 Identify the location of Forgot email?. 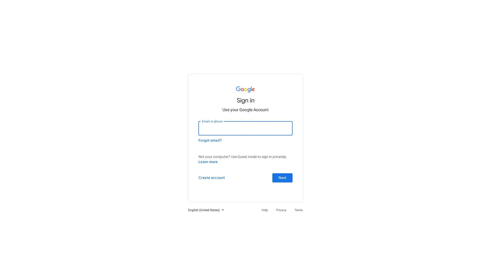
(210, 140).